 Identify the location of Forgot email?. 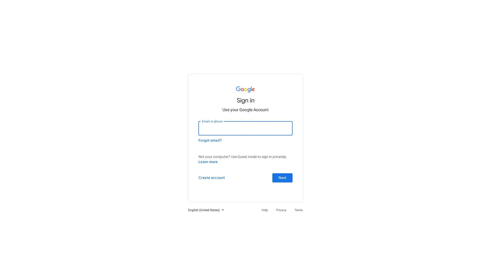
(210, 140).